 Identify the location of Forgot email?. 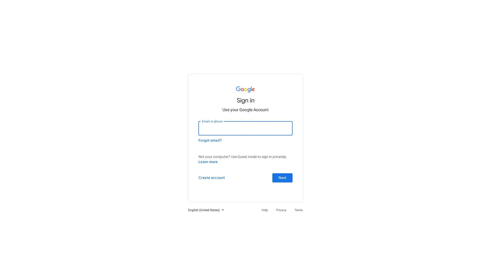
(210, 140).